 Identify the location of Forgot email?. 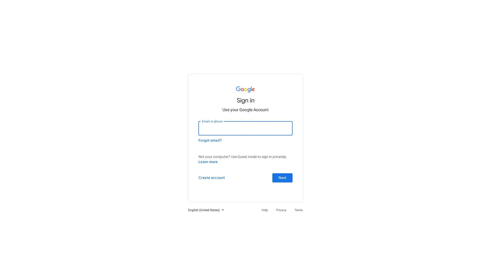
(210, 140).